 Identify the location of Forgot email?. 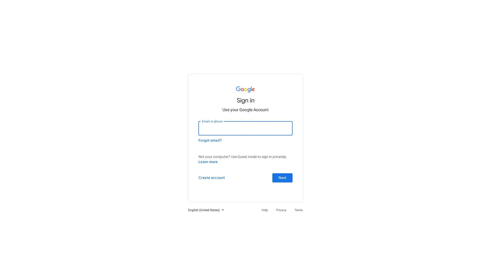
(210, 140).